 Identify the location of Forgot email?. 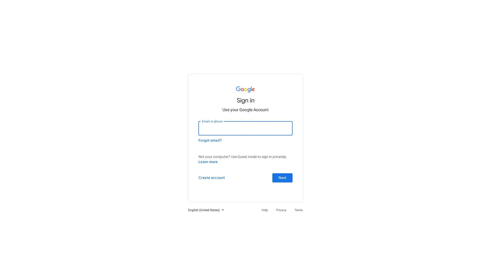
(210, 140).